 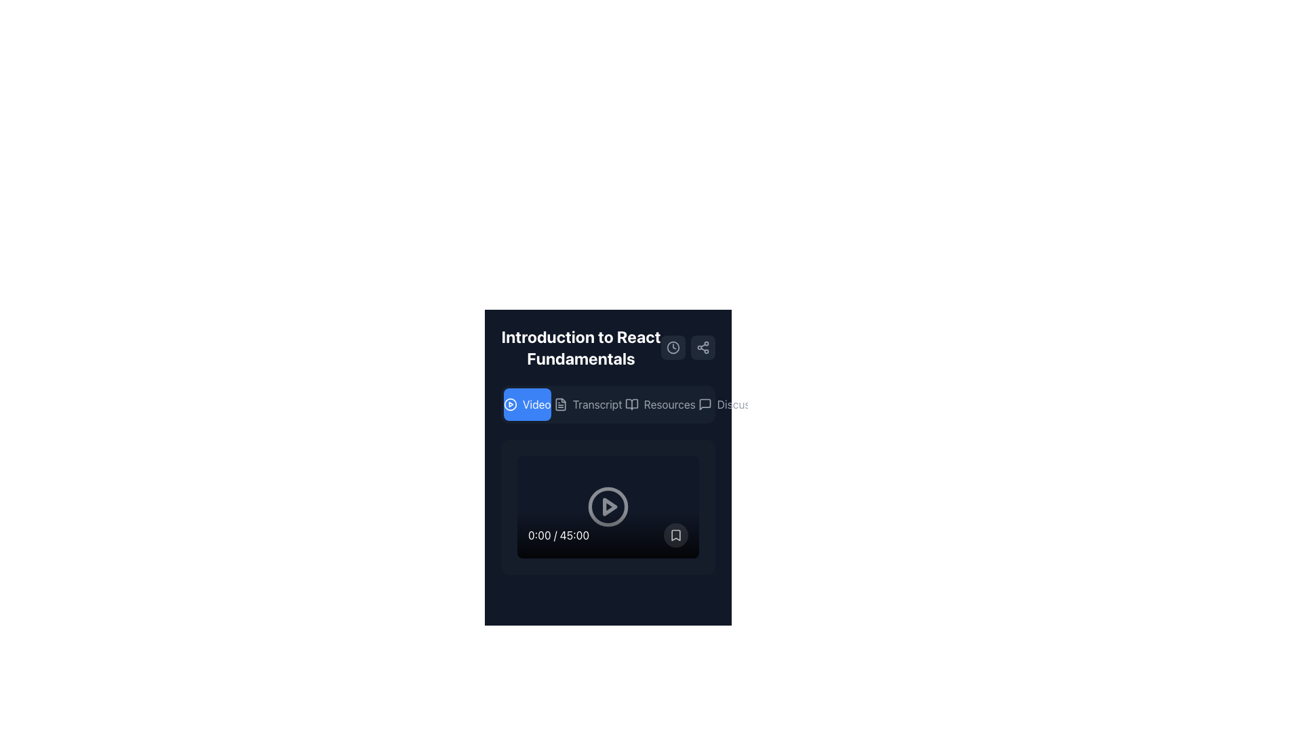 I want to click on the gray open book icon, which is the first icon in the 'Resources' group, located to the left of the 'Resources' text and the 'Discuss' icon, so click(x=631, y=404).